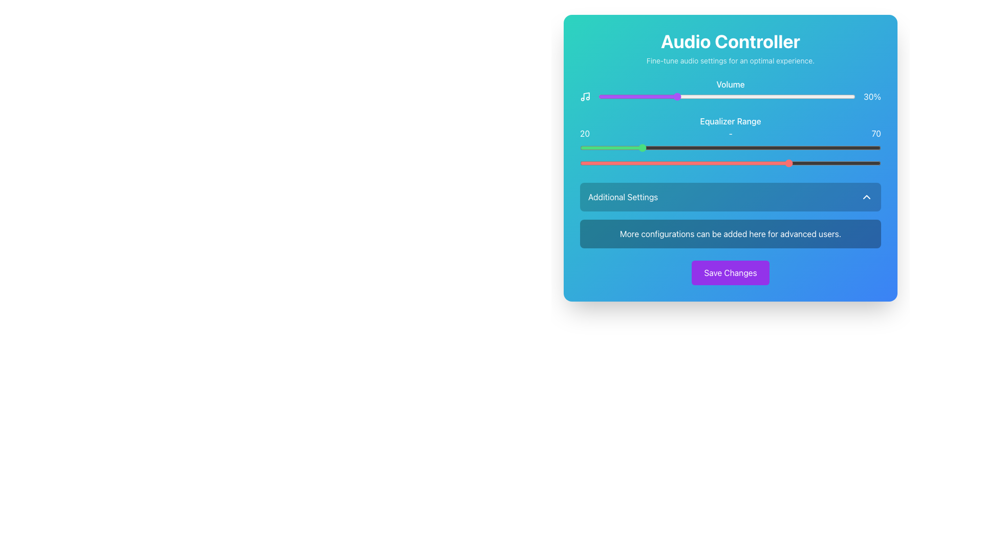  Describe the element at coordinates (601, 163) in the screenshot. I see `the equalizer range` at that location.